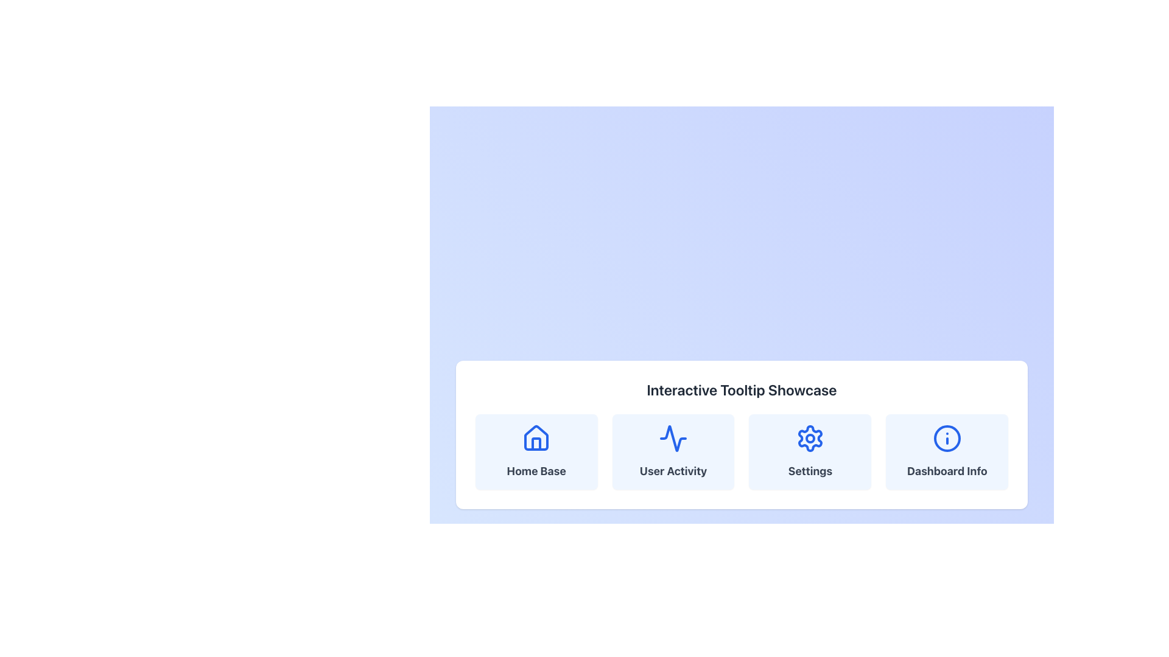 This screenshot has width=1169, height=657. Describe the element at coordinates (946, 439) in the screenshot. I see `the Dashboard Info icon located at the far-right side of the row` at that location.